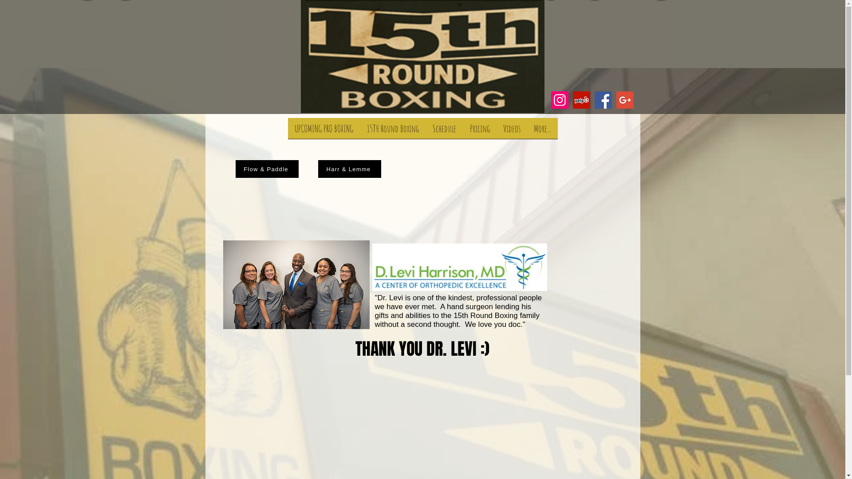 This screenshot has width=852, height=479. What do you see at coordinates (360, 131) in the screenshot?
I see `'15TH Round Boxing'` at bounding box center [360, 131].